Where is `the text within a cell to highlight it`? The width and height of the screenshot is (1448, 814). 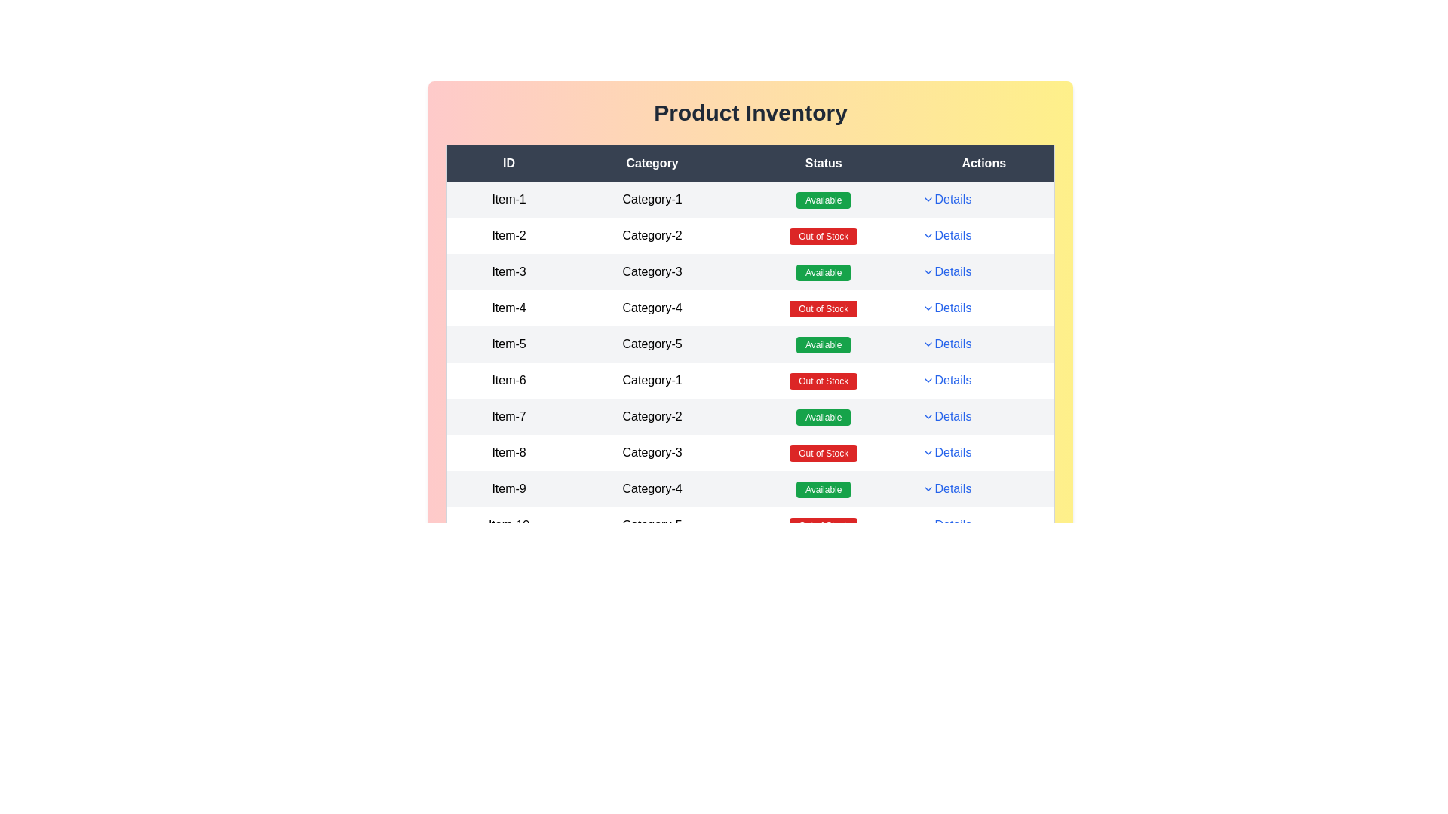 the text within a cell to highlight it is located at coordinates (508, 199).